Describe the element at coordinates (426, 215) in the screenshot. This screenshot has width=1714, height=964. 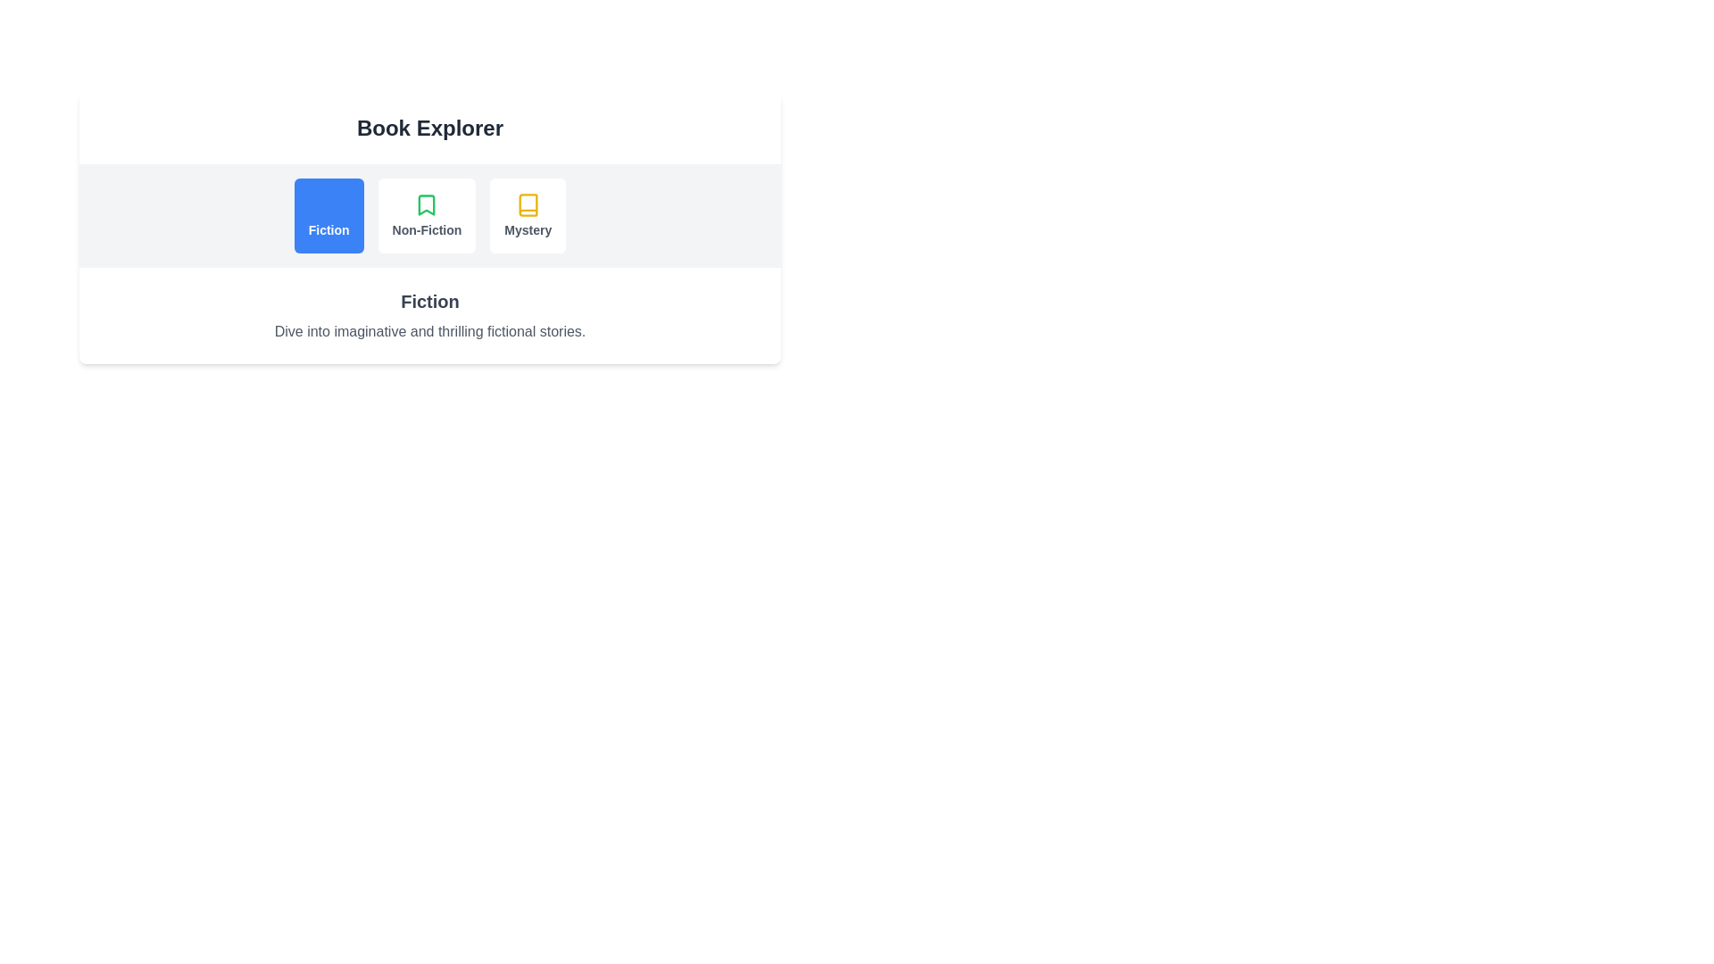
I see `the tab labeled Non-Fiction to view its content` at that location.